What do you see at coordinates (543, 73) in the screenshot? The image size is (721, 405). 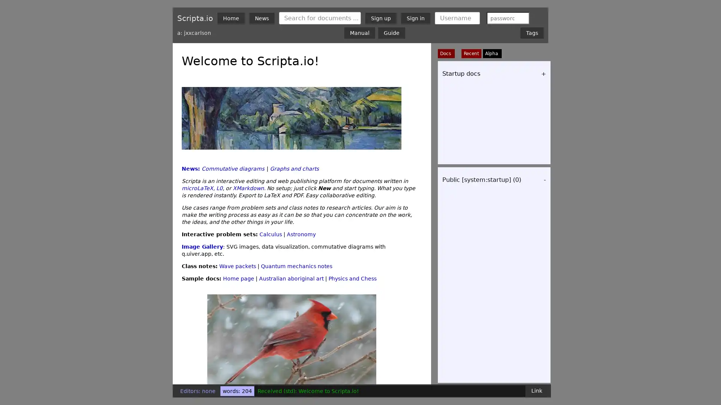 I see `+` at bounding box center [543, 73].